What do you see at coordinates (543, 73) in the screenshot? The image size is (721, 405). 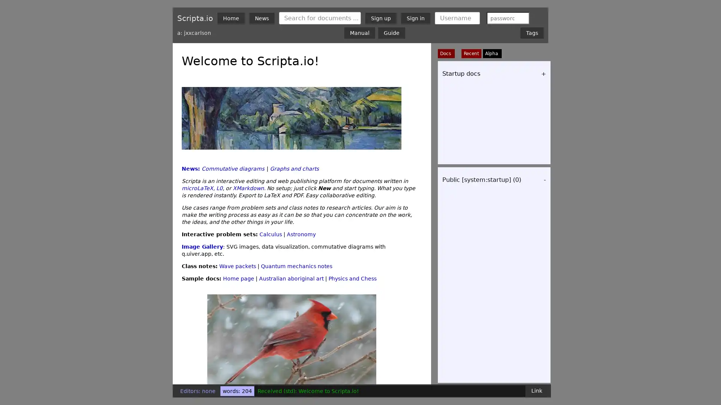 I see `+` at bounding box center [543, 73].